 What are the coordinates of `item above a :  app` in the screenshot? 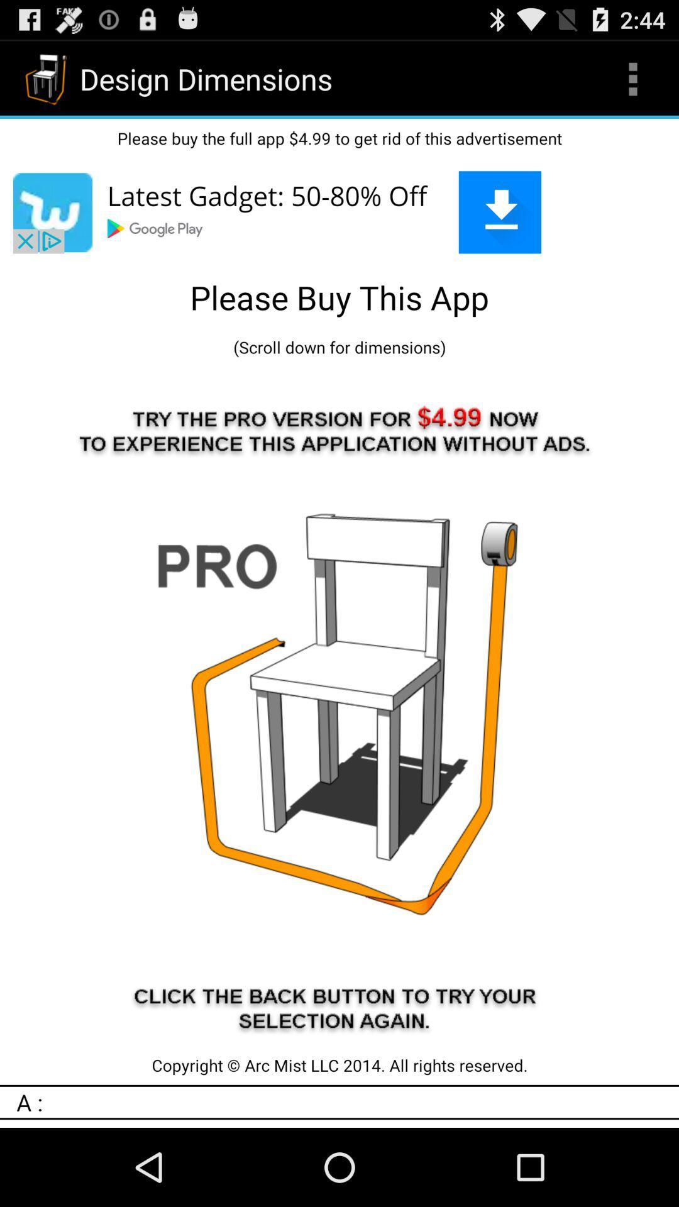 It's located at (339, 1064).